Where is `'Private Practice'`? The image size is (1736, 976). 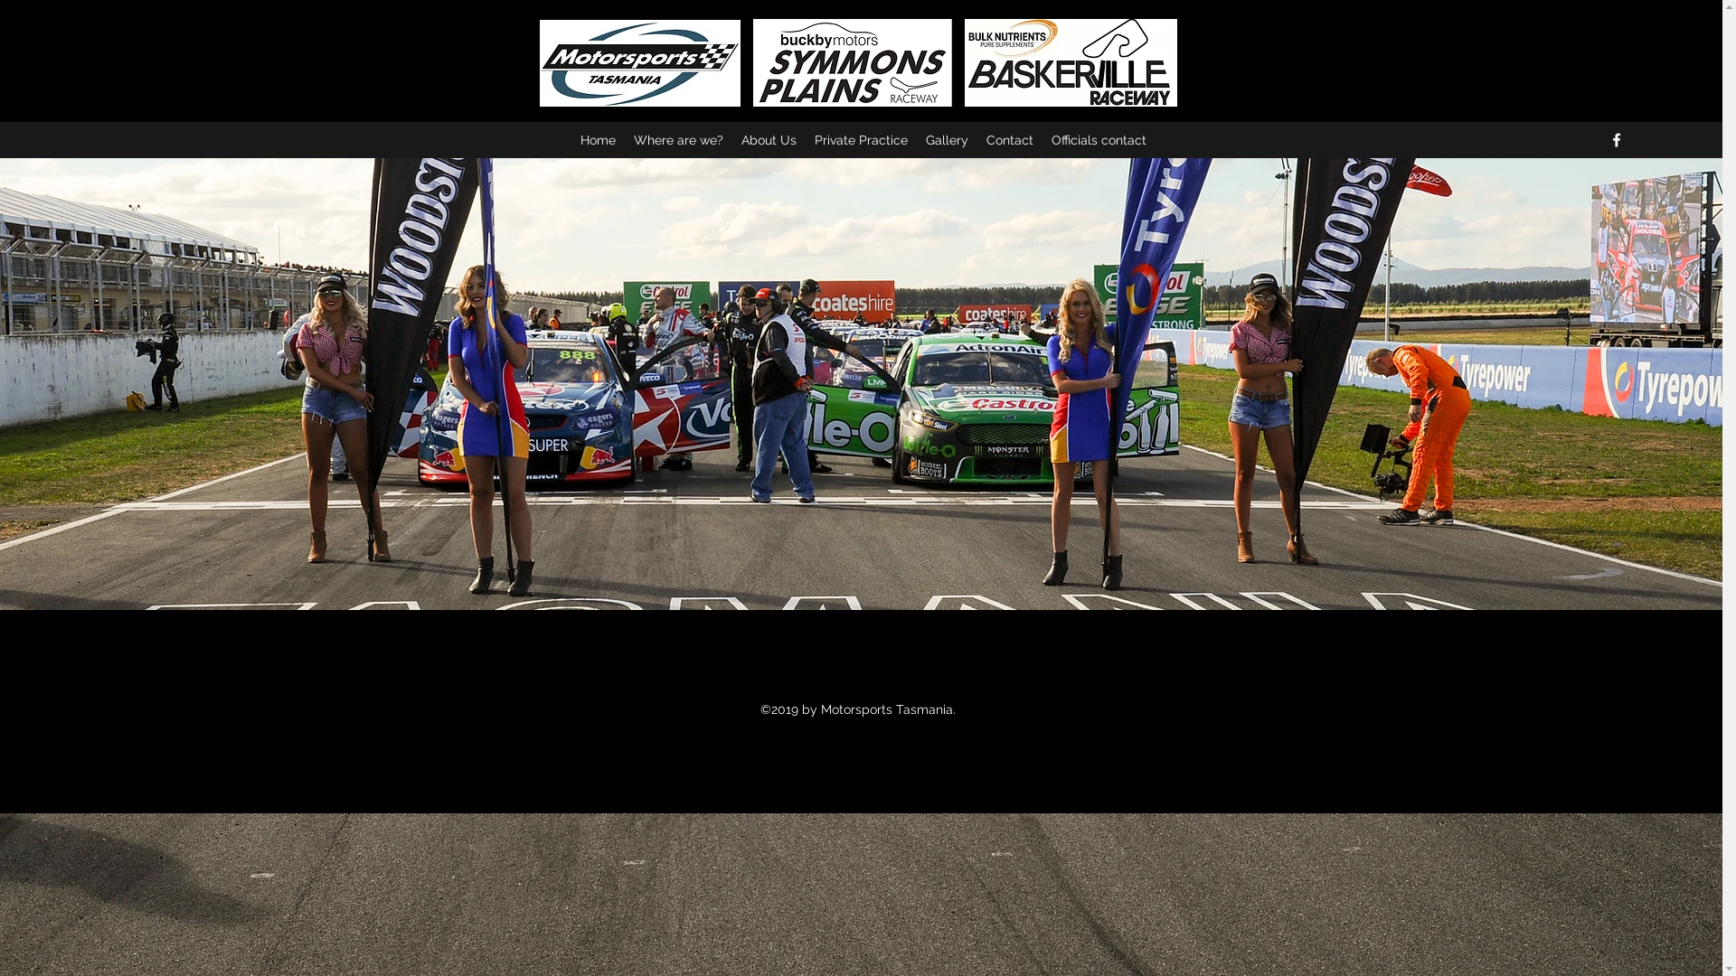 'Private Practice' is located at coordinates (860, 138).